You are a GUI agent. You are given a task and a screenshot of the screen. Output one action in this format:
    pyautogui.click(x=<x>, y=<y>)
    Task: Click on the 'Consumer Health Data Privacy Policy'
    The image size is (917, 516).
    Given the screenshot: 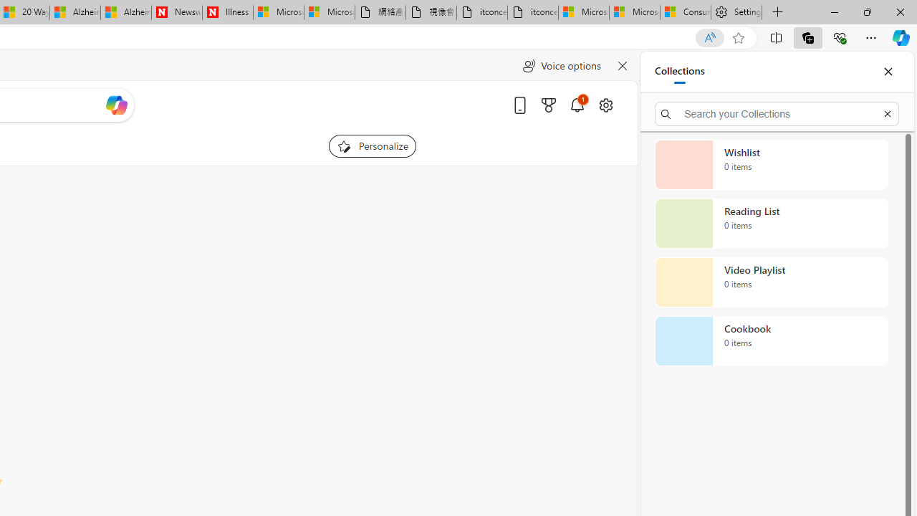 What is the action you would take?
    pyautogui.click(x=684, y=12)
    